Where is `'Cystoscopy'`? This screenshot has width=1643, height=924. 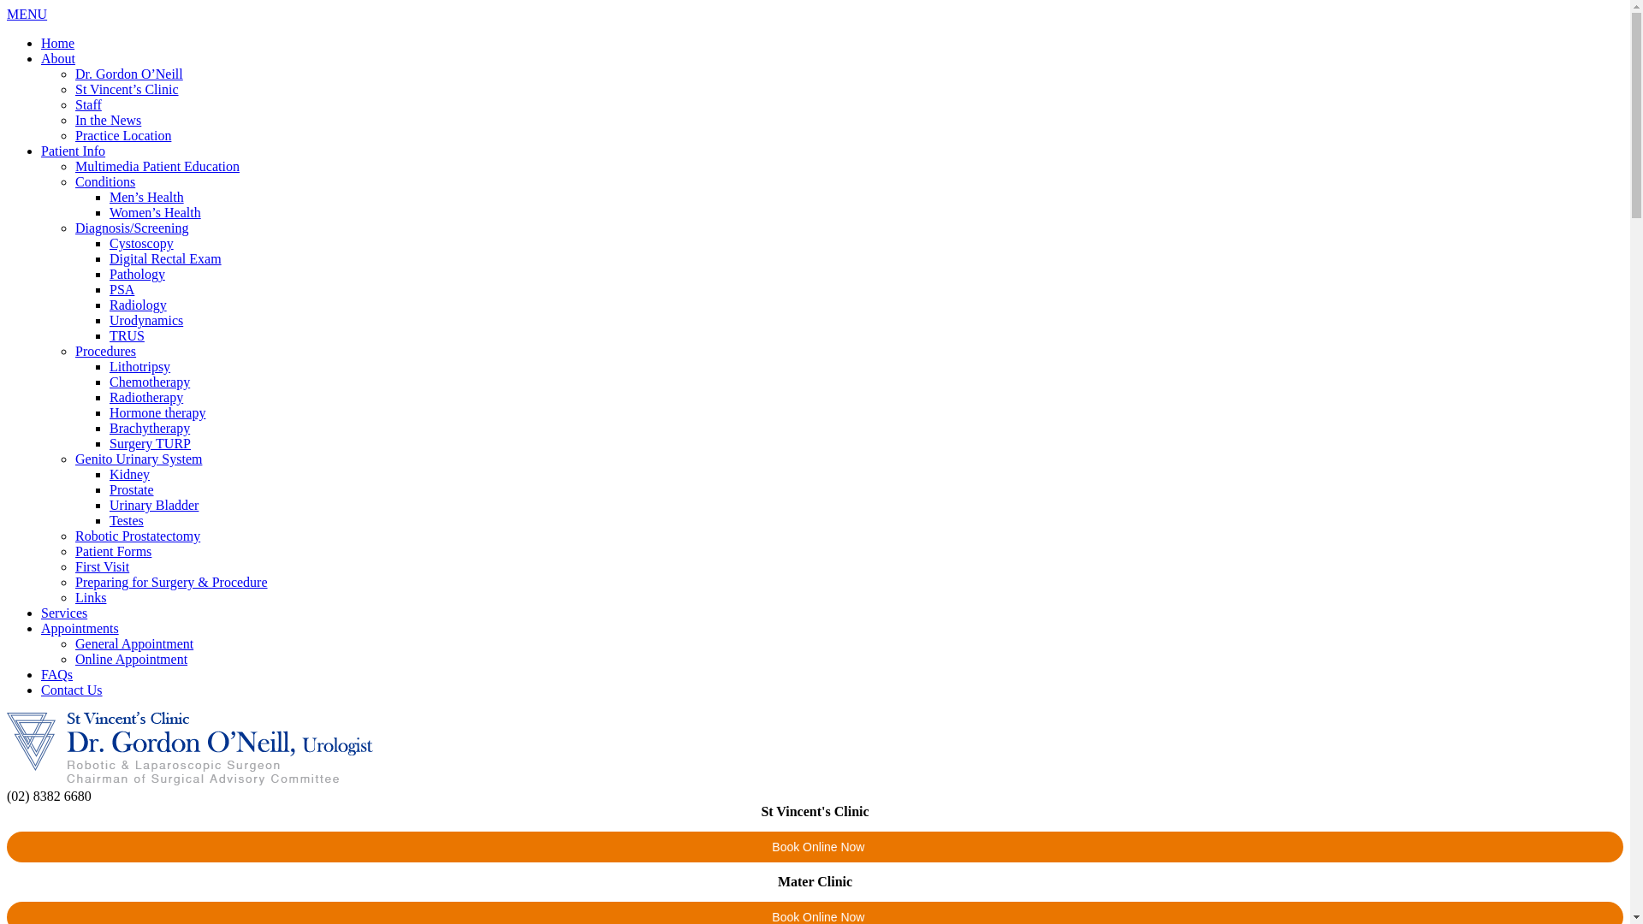 'Cystoscopy' is located at coordinates (141, 243).